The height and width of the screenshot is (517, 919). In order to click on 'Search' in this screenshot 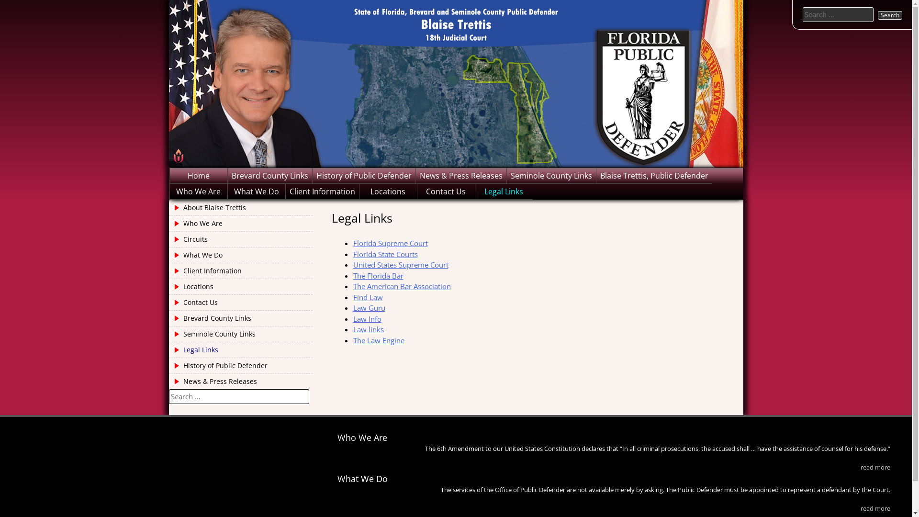, I will do `click(0, 6)`.